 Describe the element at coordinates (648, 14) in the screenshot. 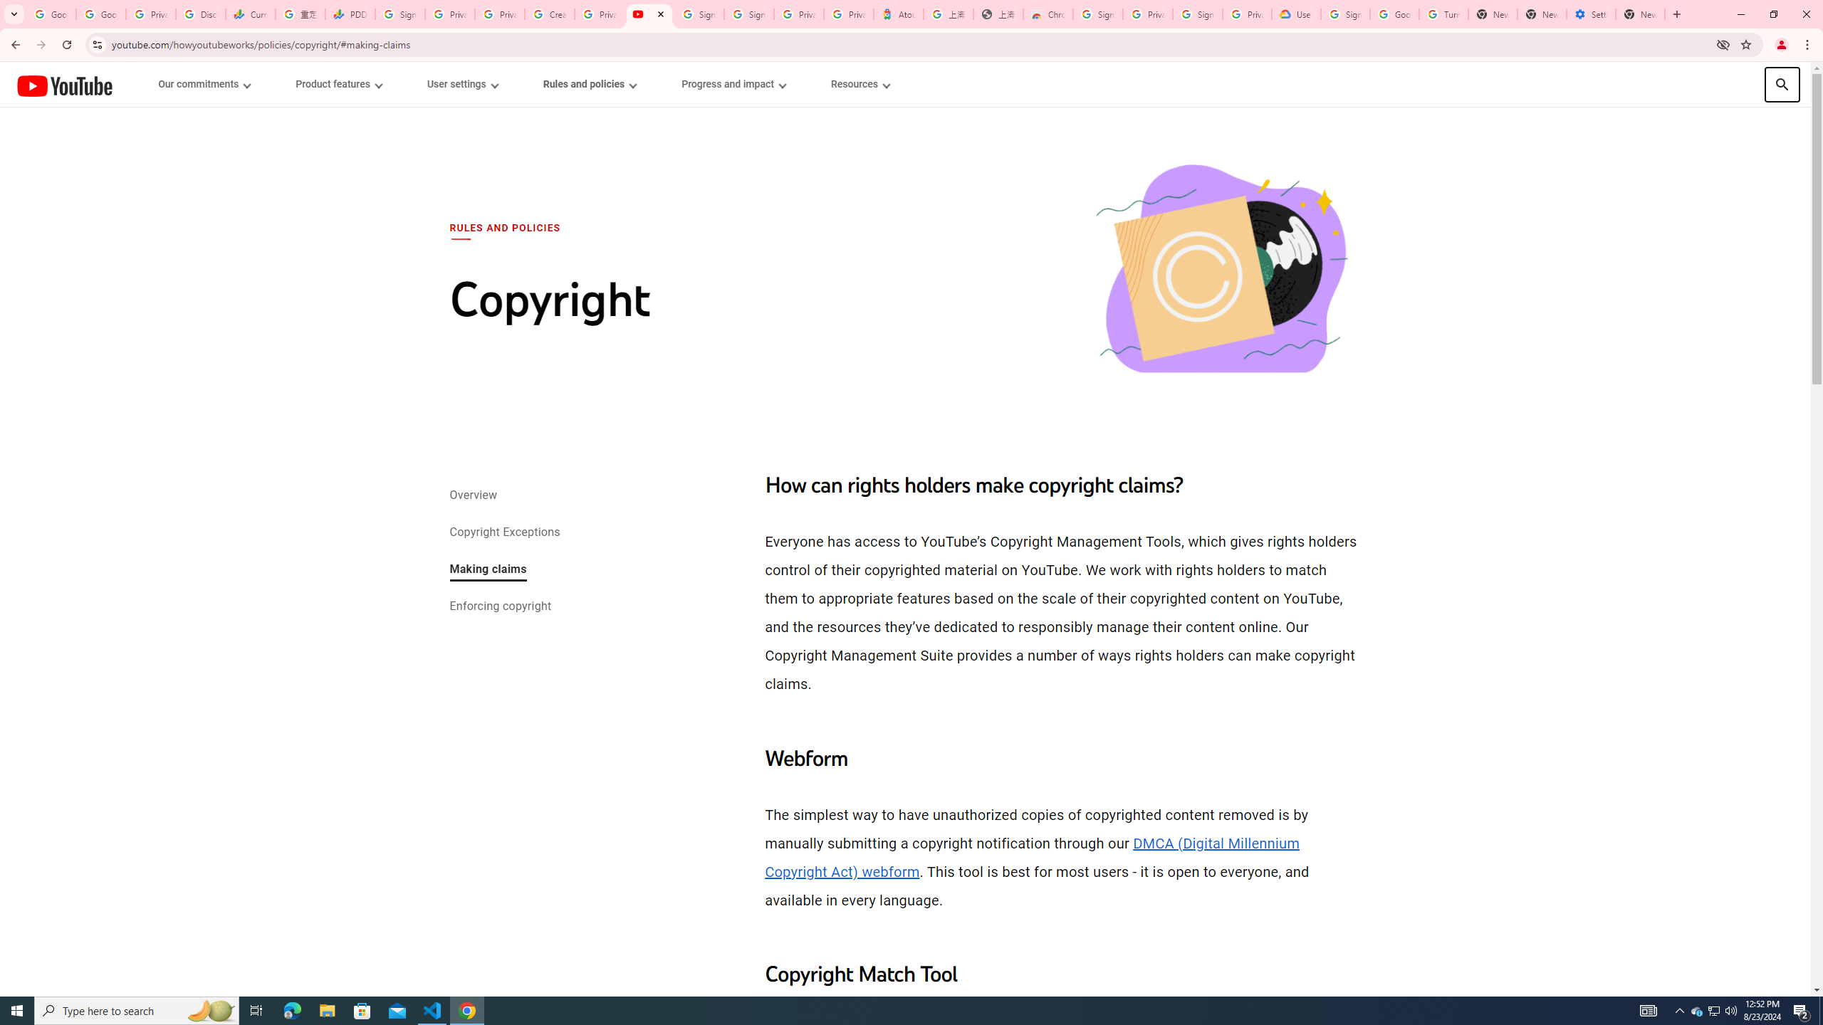

I see `'YouTube Copyright Rules & Policies - How YouTube Works'` at that location.